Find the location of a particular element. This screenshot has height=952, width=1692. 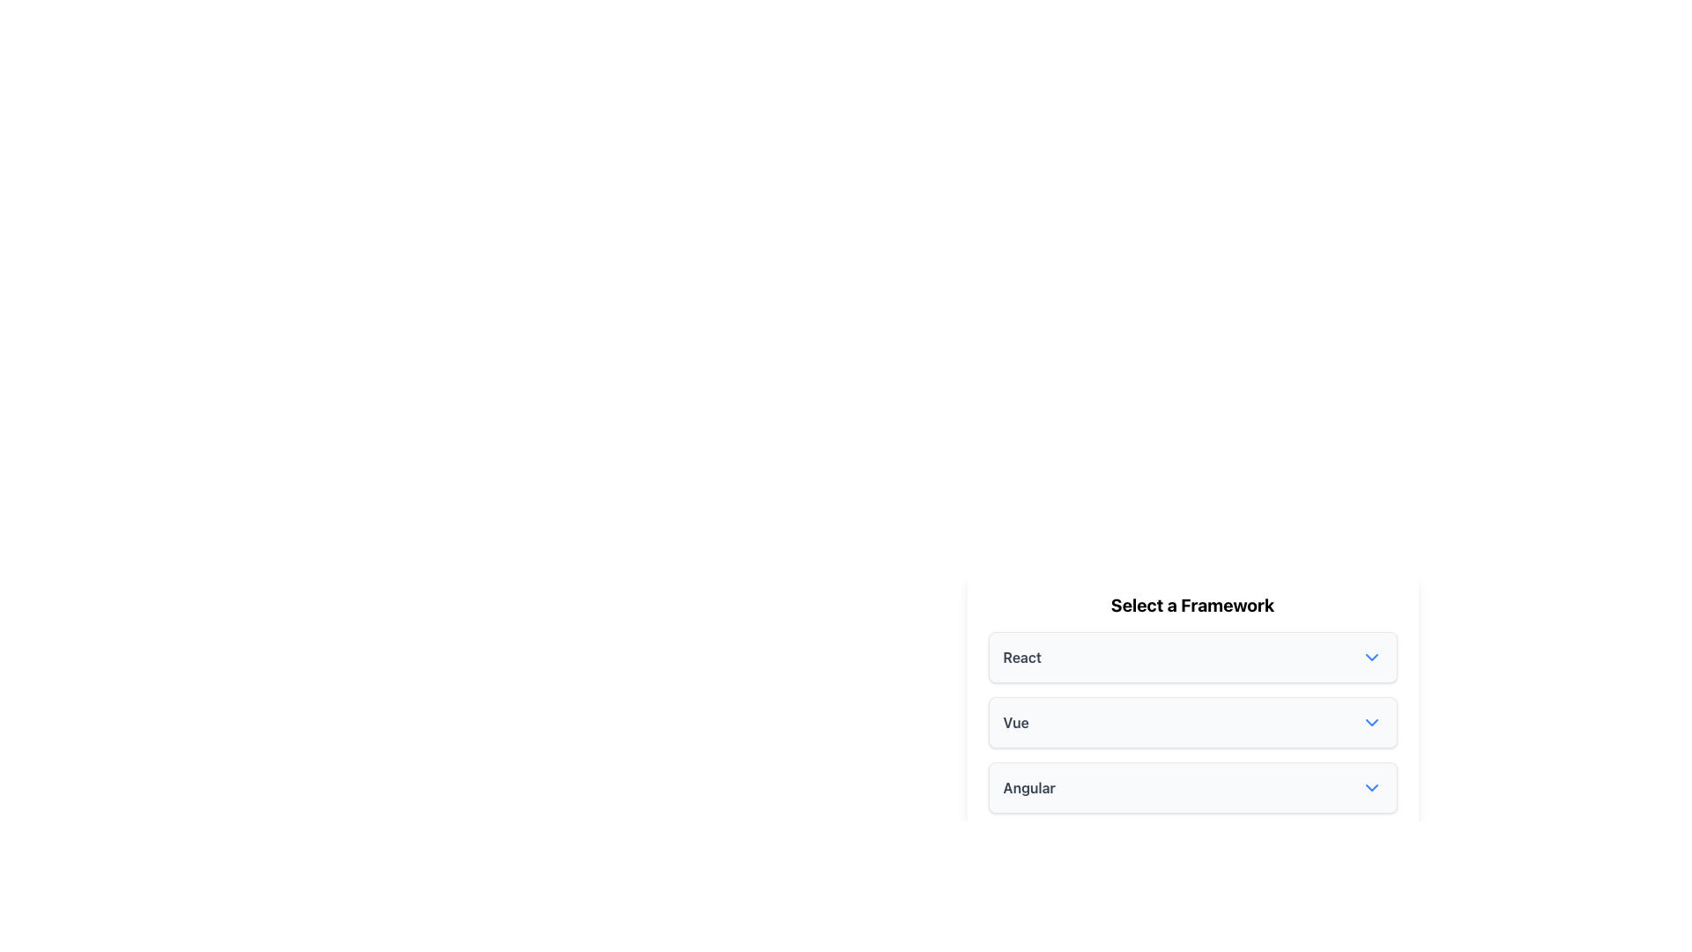

the Chevron Icon located on the right side of the 'React' text is located at coordinates (1370, 657).